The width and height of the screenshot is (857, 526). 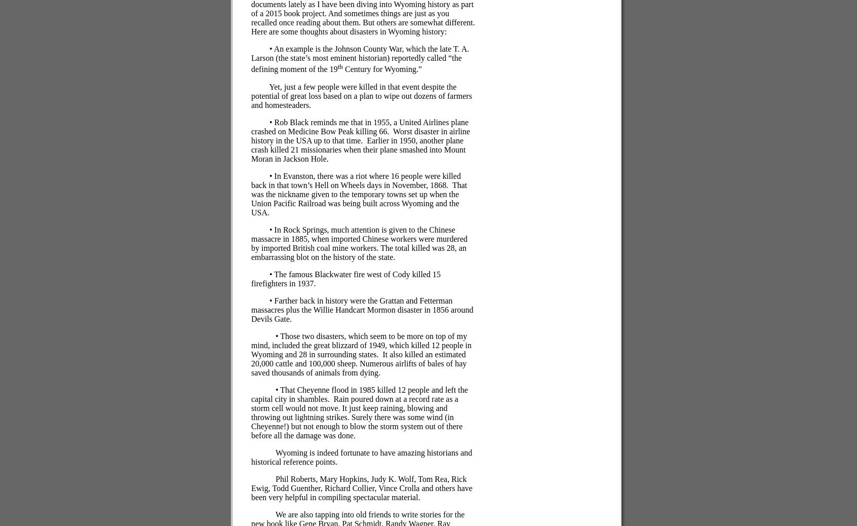 What do you see at coordinates (337, 66) in the screenshot?
I see `'th'` at bounding box center [337, 66].